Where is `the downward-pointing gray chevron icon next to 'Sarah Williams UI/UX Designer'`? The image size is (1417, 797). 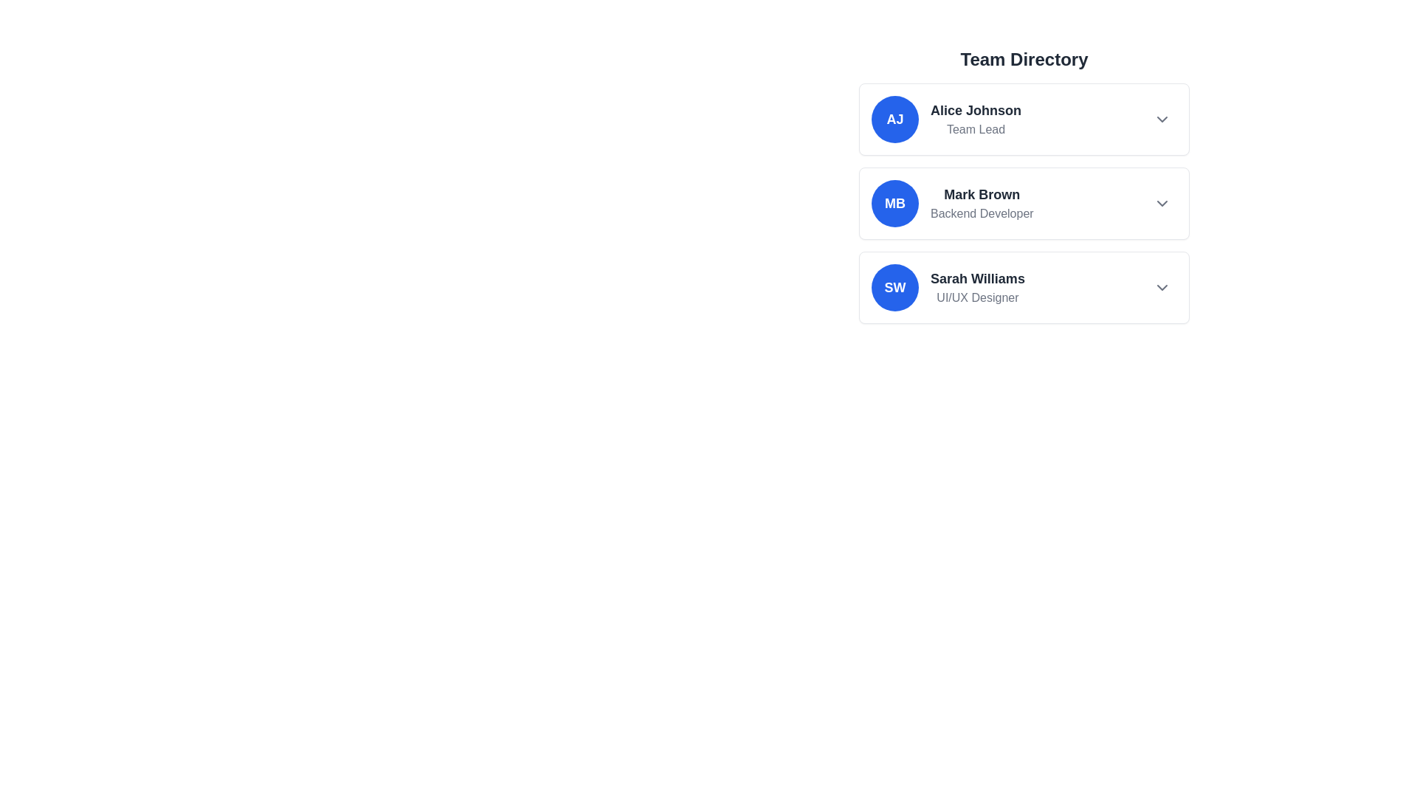
the downward-pointing gray chevron icon next to 'Sarah Williams UI/UX Designer' is located at coordinates (1161, 287).